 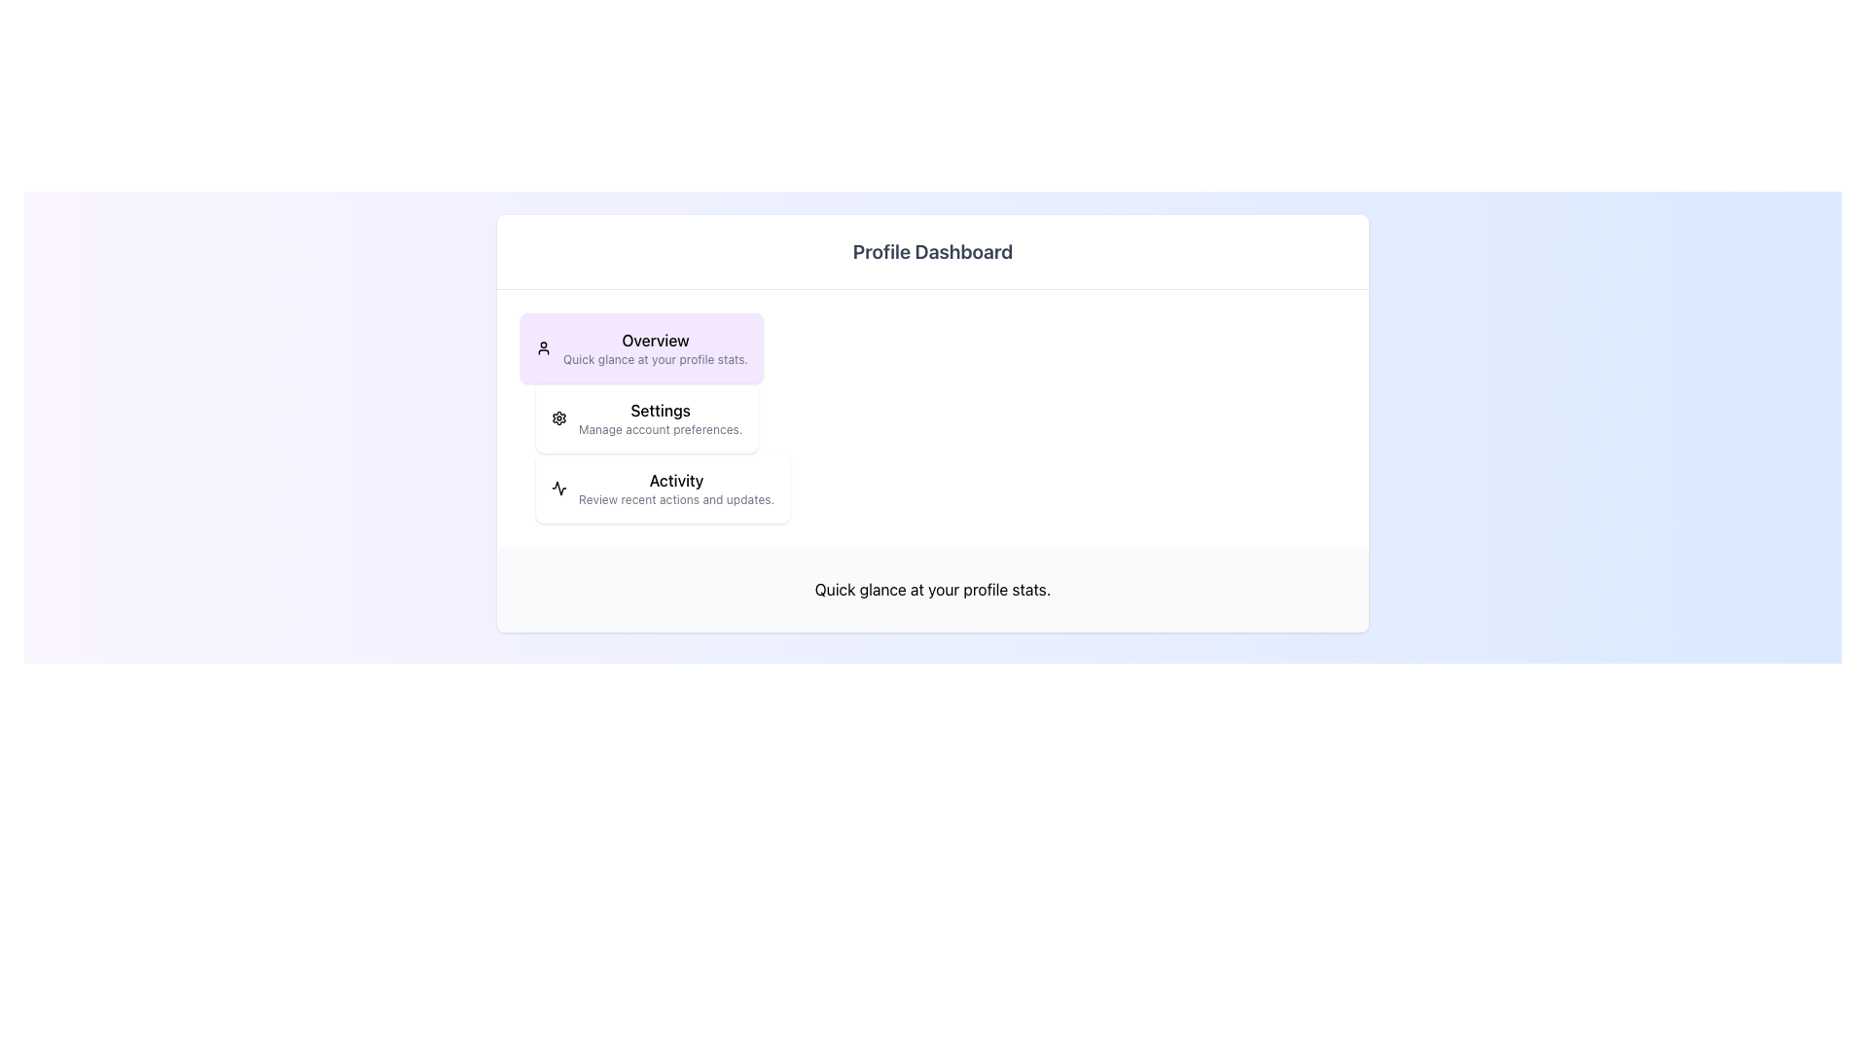 What do you see at coordinates (647, 417) in the screenshot?
I see `the navigational button labeled for managing account preferences, positioned centrally between 'Overview' and 'Activity'` at bounding box center [647, 417].